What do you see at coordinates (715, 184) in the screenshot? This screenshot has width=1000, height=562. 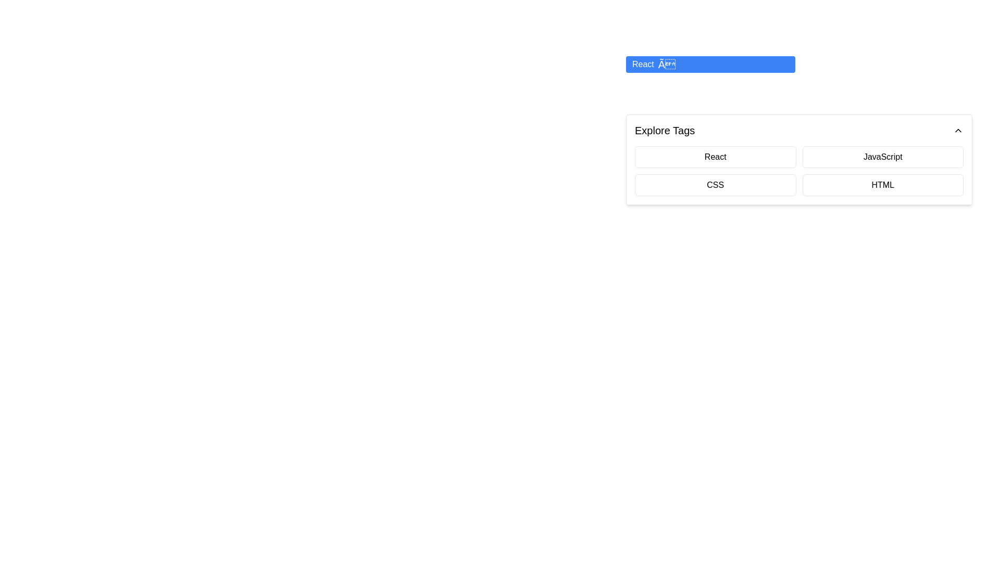 I see `the rectangular button labeled 'CSS' located in the lower-left quadrant of the interface` at bounding box center [715, 184].